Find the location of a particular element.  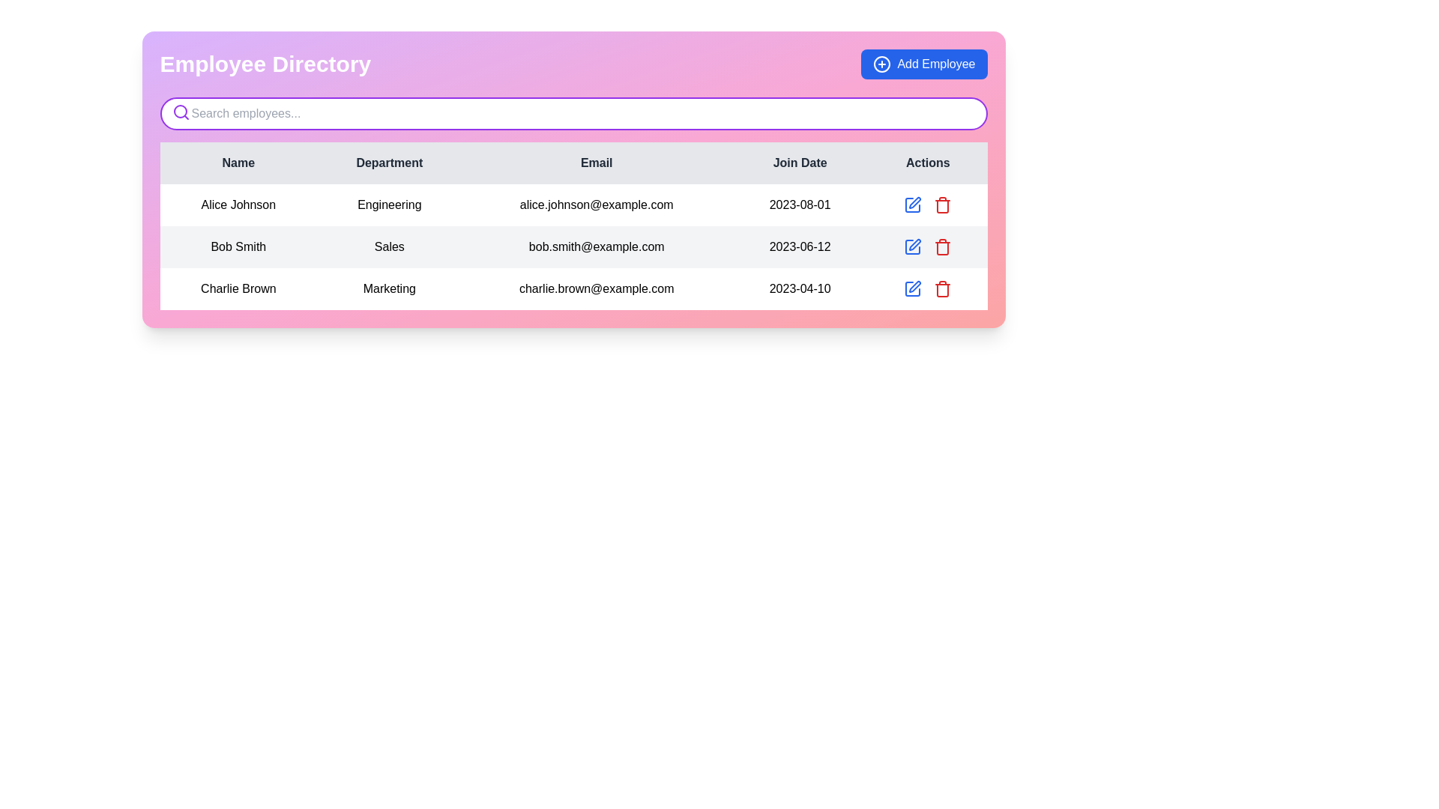

the search icon located to the left of the 'Search employees...' input field, which signifies a search action is located at coordinates (180, 112).